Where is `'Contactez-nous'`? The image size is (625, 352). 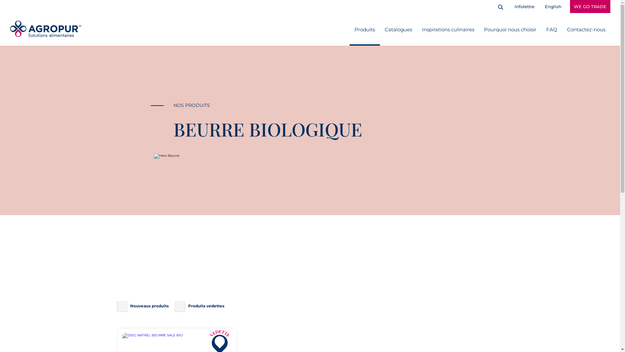
'Contactez-nous' is located at coordinates (586, 29).